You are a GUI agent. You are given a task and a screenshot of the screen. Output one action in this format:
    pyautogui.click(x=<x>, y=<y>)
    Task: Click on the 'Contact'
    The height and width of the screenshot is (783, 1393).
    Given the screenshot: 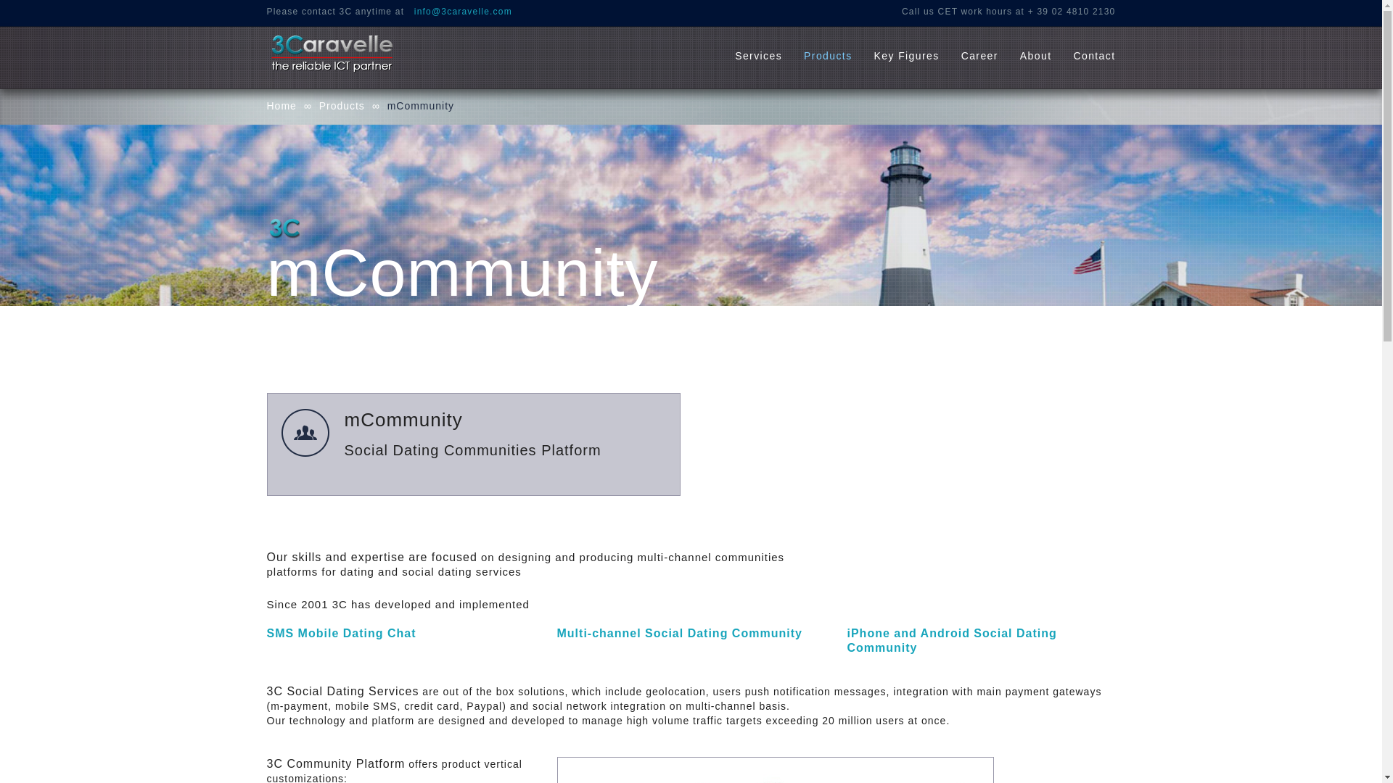 What is the action you would take?
    pyautogui.click(x=1062, y=54)
    